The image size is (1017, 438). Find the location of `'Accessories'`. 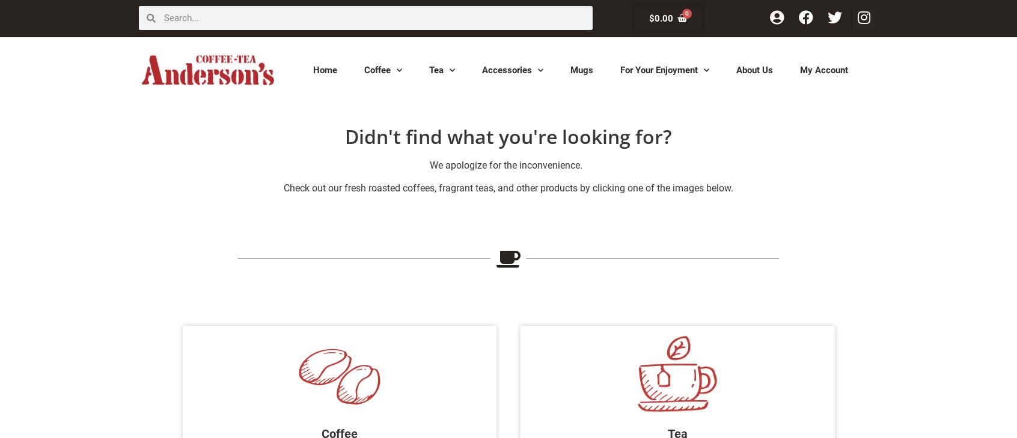

'Accessories' is located at coordinates (507, 68).